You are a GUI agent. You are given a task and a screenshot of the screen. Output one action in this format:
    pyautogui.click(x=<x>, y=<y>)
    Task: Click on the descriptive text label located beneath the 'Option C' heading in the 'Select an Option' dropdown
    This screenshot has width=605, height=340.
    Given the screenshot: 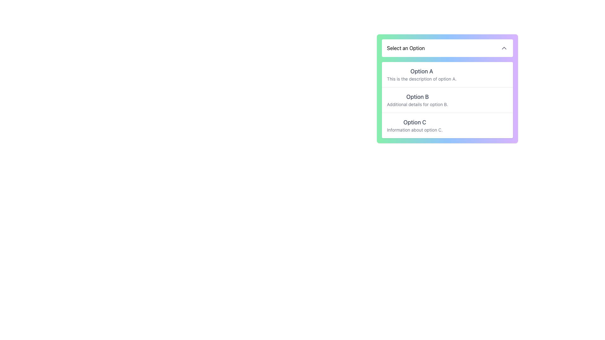 What is the action you would take?
    pyautogui.click(x=415, y=129)
    